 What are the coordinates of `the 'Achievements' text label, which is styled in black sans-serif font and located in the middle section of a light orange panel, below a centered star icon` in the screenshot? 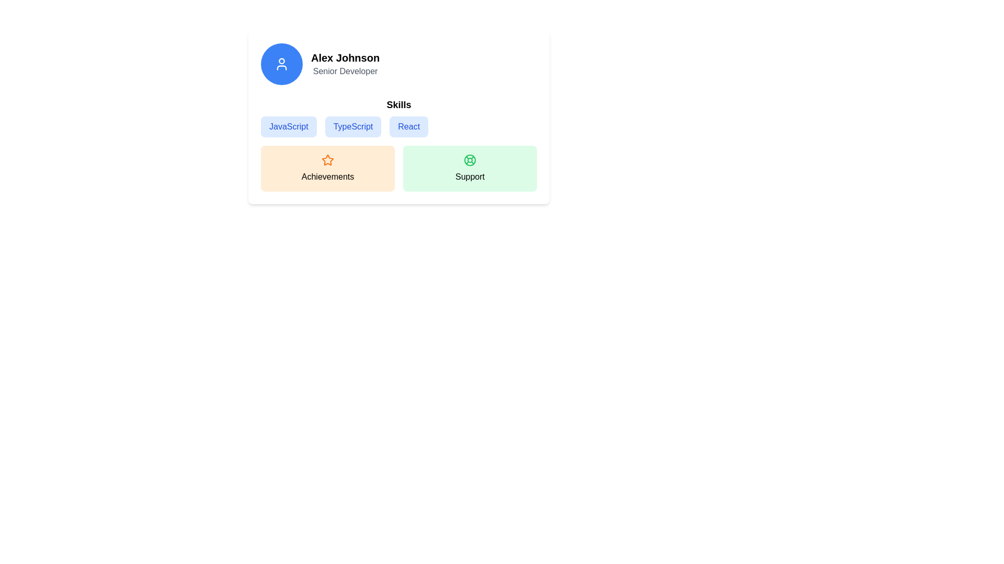 It's located at (327, 177).